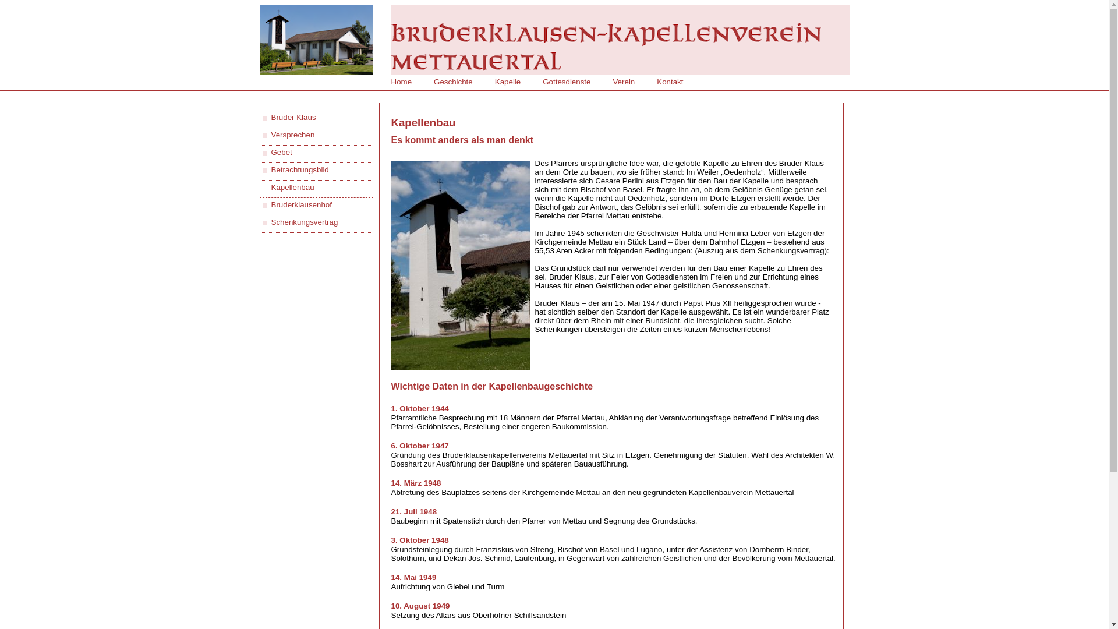 This screenshot has height=629, width=1118. What do you see at coordinates (622, 81) in the screenshot?
I see `'Verein'` at bounding box center [622, 81].